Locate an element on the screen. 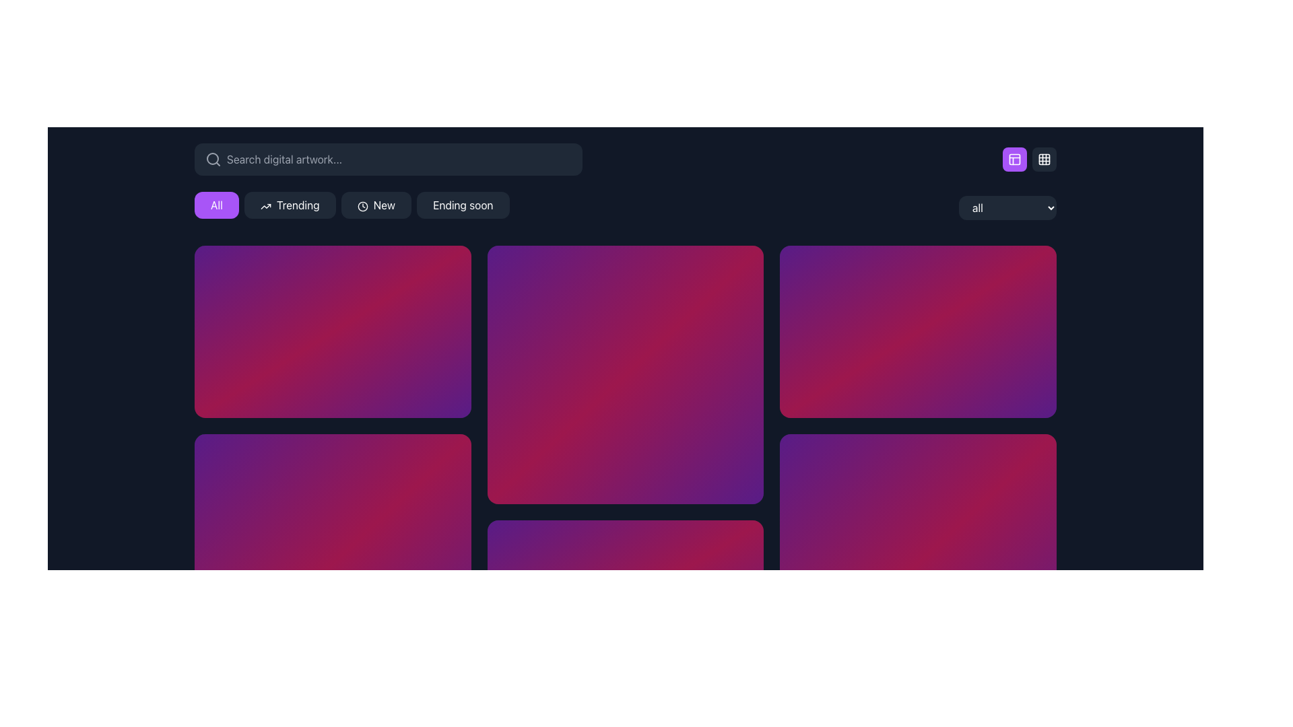 Image resolution: width=1293 pixels, height=727 pixels. the third display card in the third column of the grid layout that contains information about digital artwork is located at coordinates (917, 332).